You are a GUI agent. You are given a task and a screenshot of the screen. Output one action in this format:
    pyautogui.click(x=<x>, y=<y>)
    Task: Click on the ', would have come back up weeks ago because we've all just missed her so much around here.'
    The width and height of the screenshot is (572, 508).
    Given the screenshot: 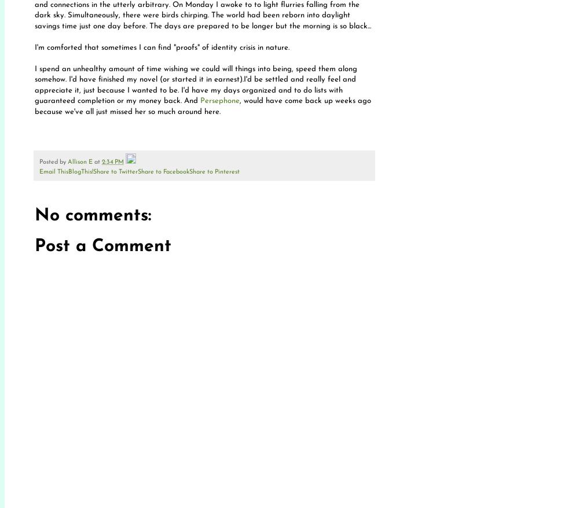 What is the action you would take?
    pyautogui.click(x=203, y=105)
    